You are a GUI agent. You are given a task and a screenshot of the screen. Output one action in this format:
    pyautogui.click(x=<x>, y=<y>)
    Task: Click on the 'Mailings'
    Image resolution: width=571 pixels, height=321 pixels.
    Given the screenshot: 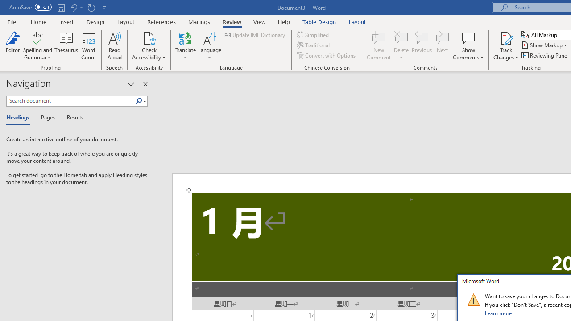 What is the action you would take?
    pyautogui.click(x=199, y=21)
    